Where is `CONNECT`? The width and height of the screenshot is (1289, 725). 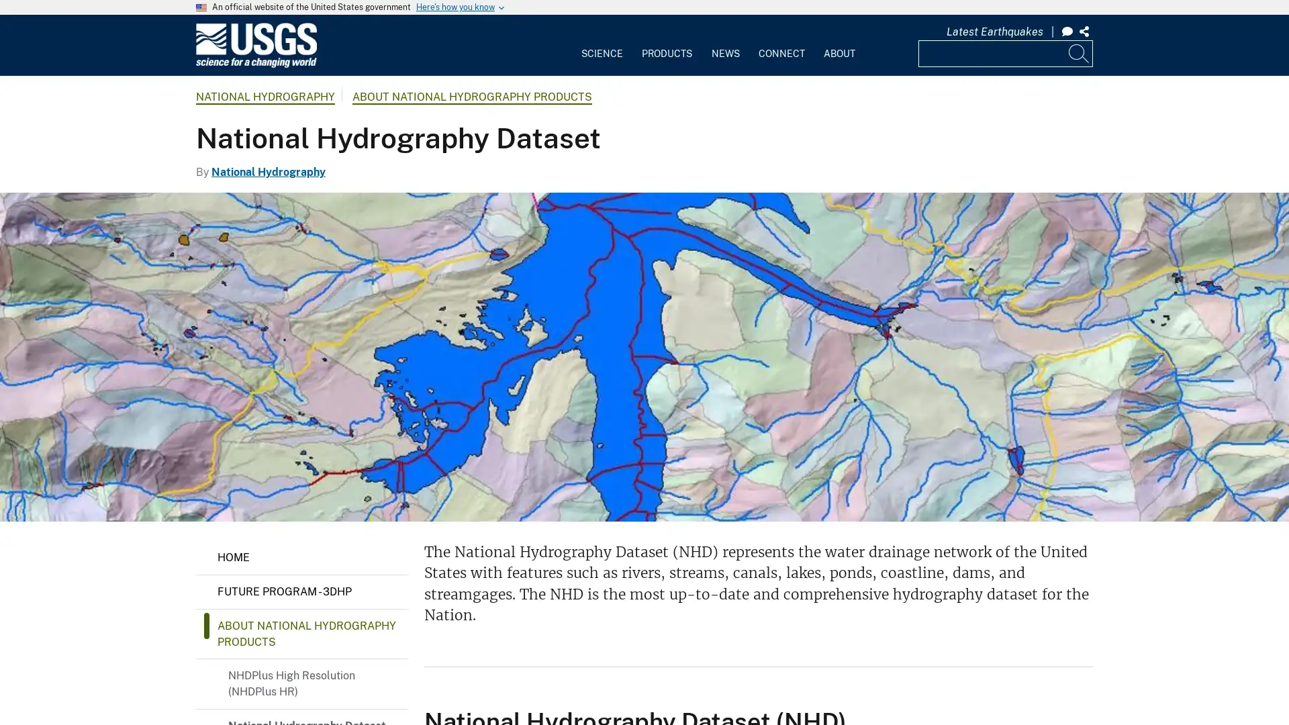
CONNECT is located at coordinates (781, 44).